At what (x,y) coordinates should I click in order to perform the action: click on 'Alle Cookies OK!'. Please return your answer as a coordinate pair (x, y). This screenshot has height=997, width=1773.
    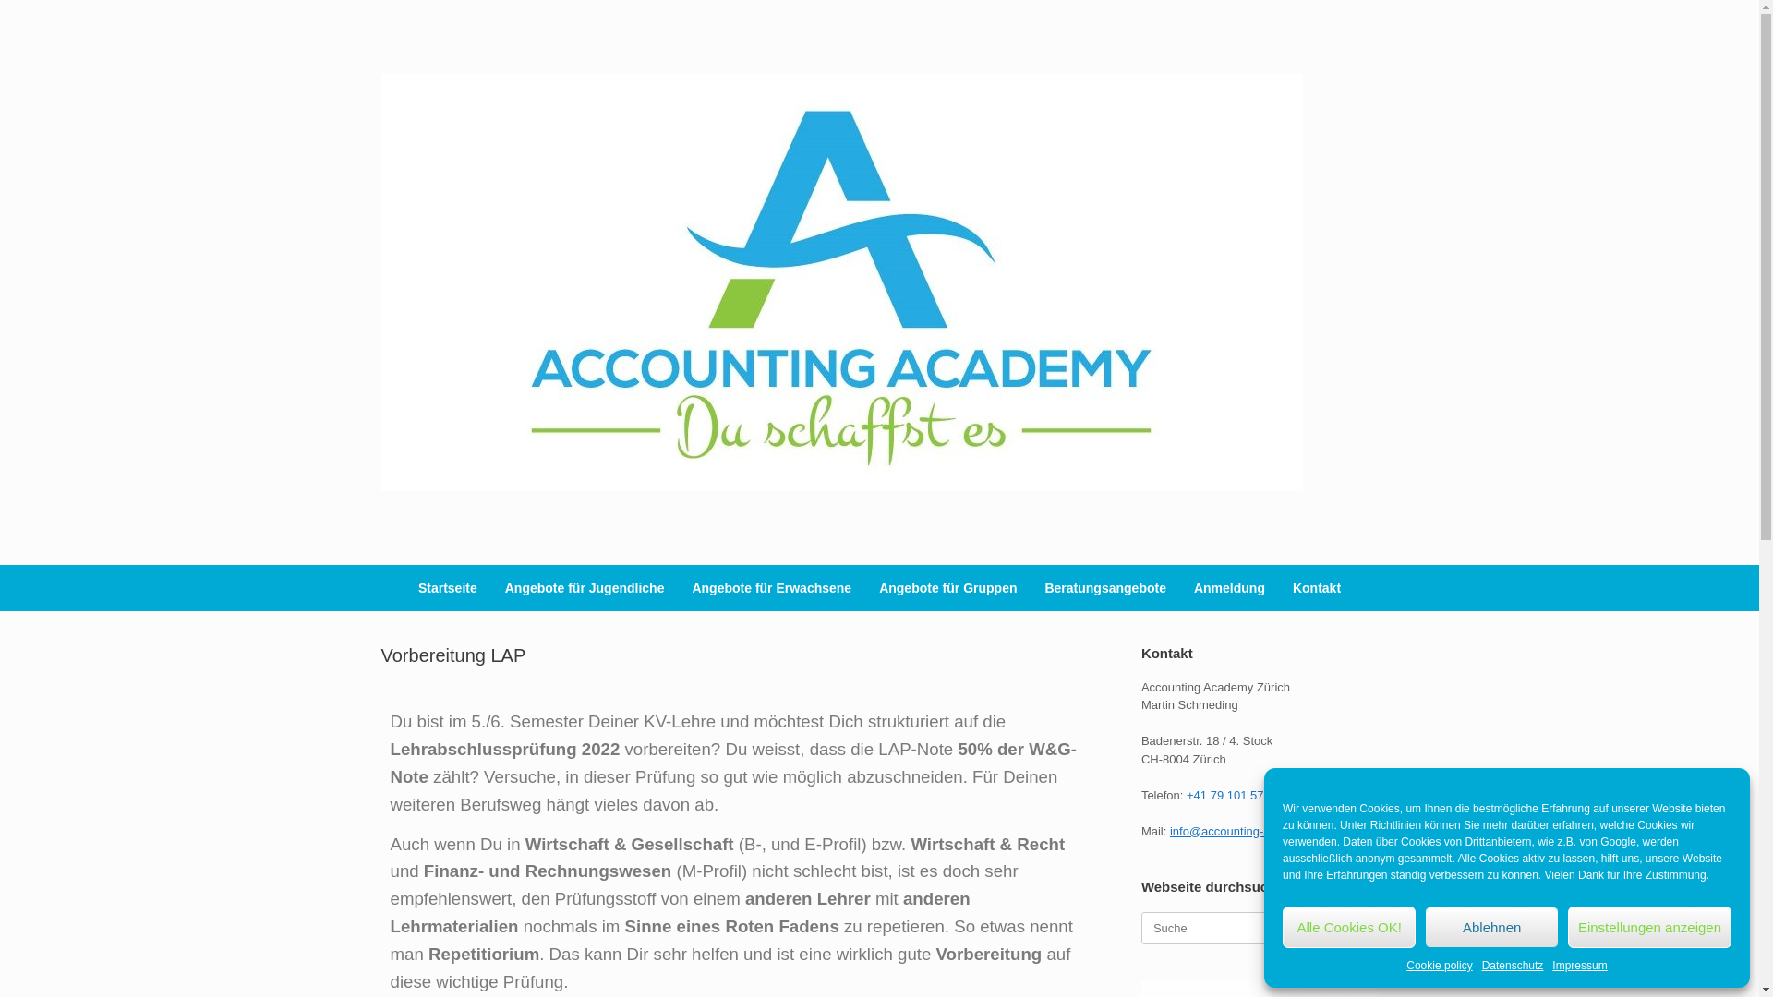
    Looking at the image, I should click on (1348, 927).